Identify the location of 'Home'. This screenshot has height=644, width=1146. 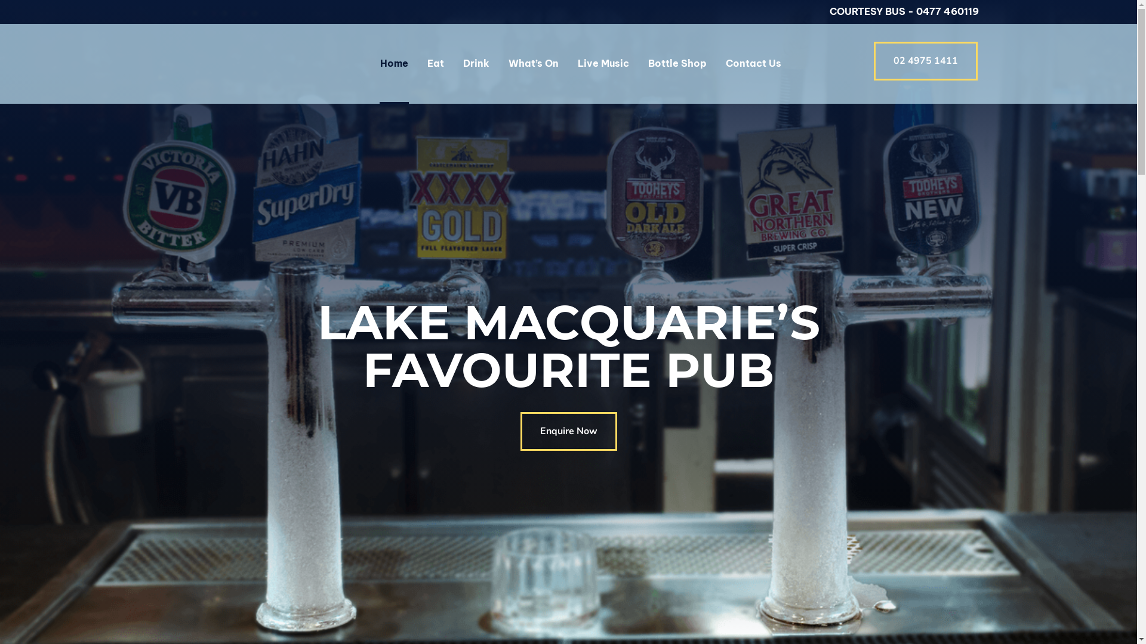
(393, 63).